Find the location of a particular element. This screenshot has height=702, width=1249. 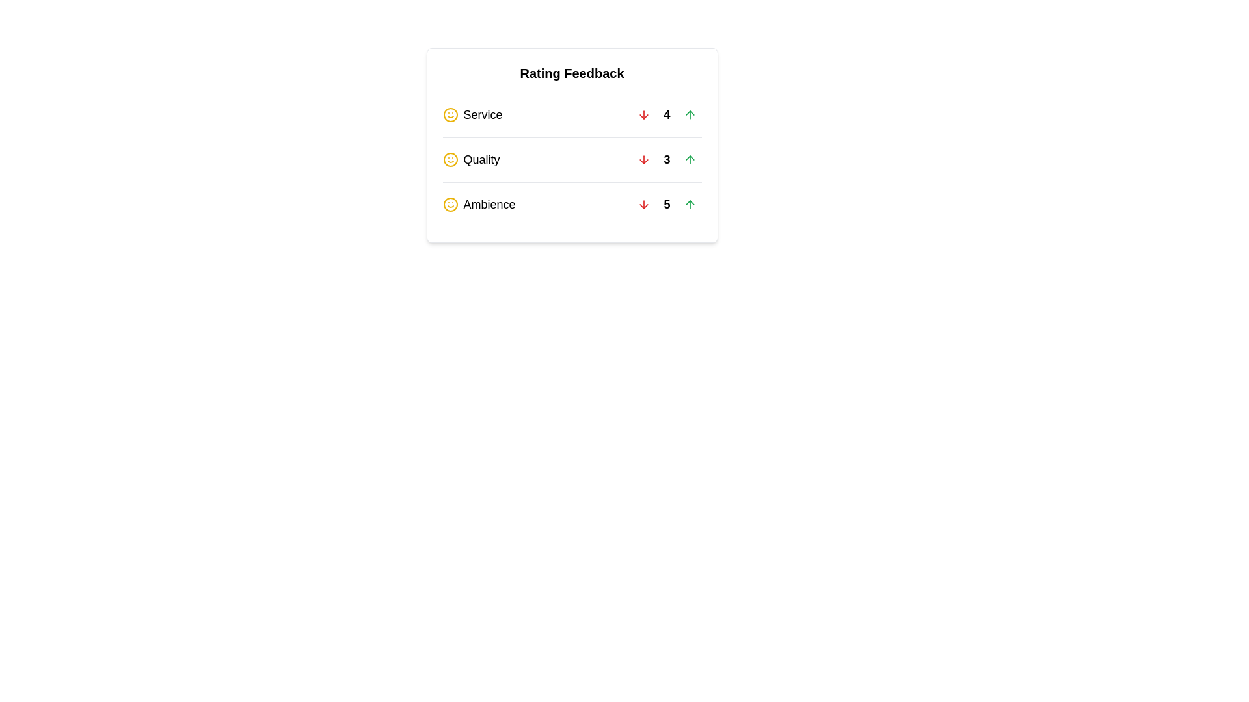

yellow smile icon in the first row of the 'Rating Feedback' section, which contains the text 'Service' and a rating of '4' is located at coordinates (572, 114).